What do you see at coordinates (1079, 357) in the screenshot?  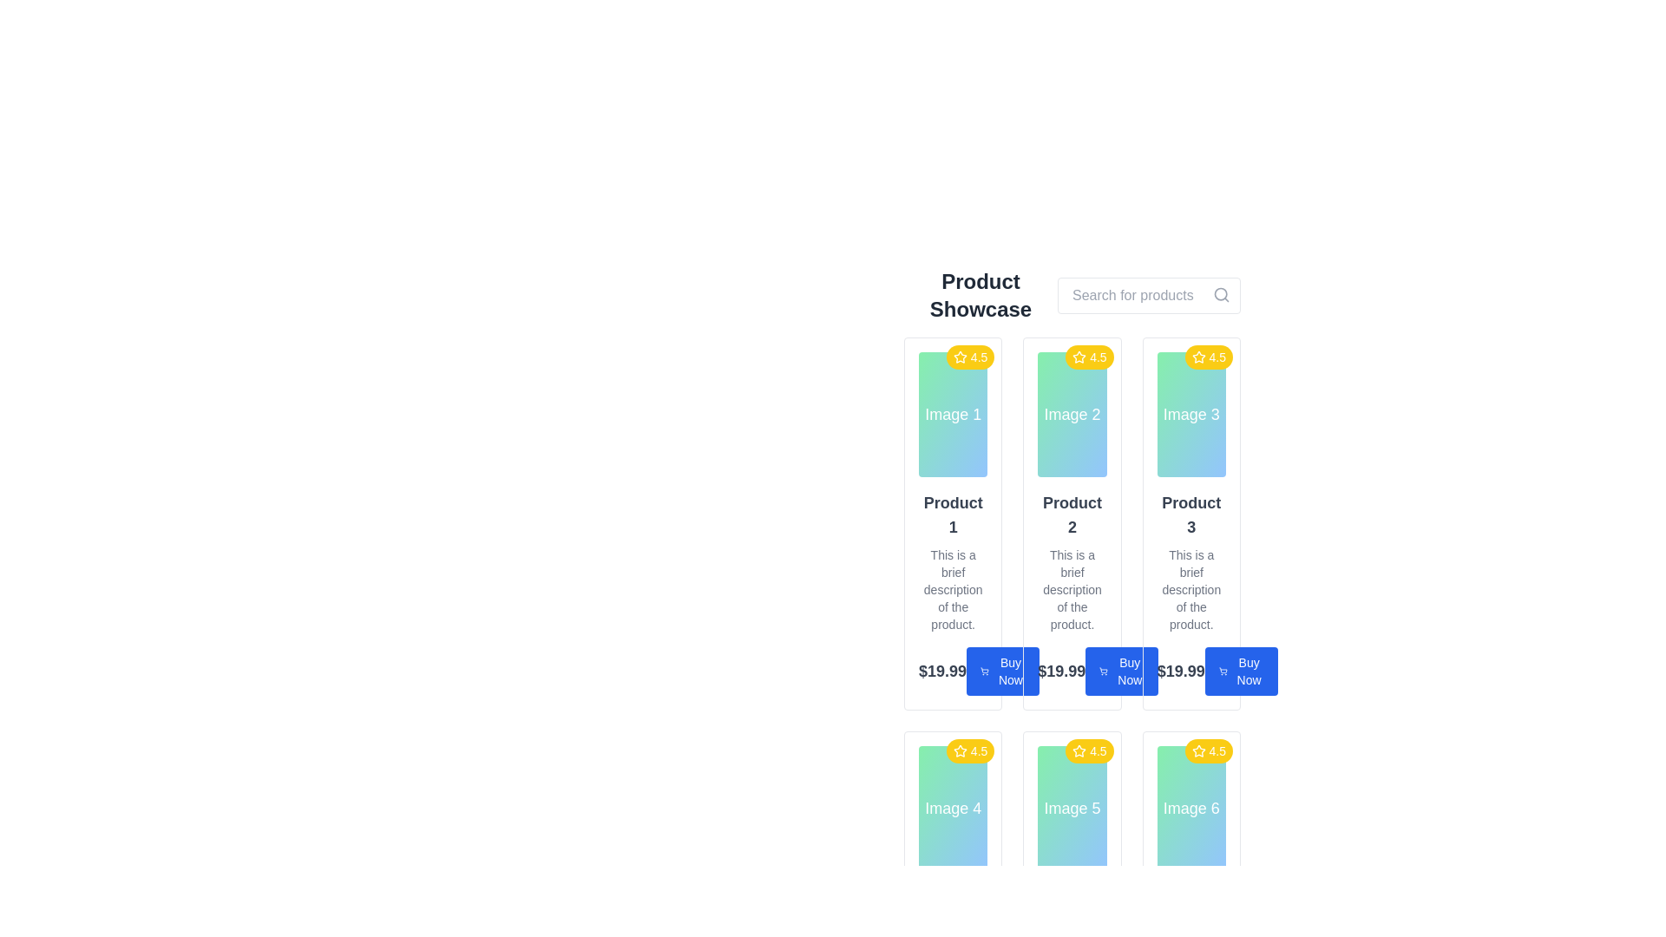 I see `the star icon located inside a yellow badge with a rounded rectangle background at the top-right corner of the second product card` at bounding box center [1079, 357].